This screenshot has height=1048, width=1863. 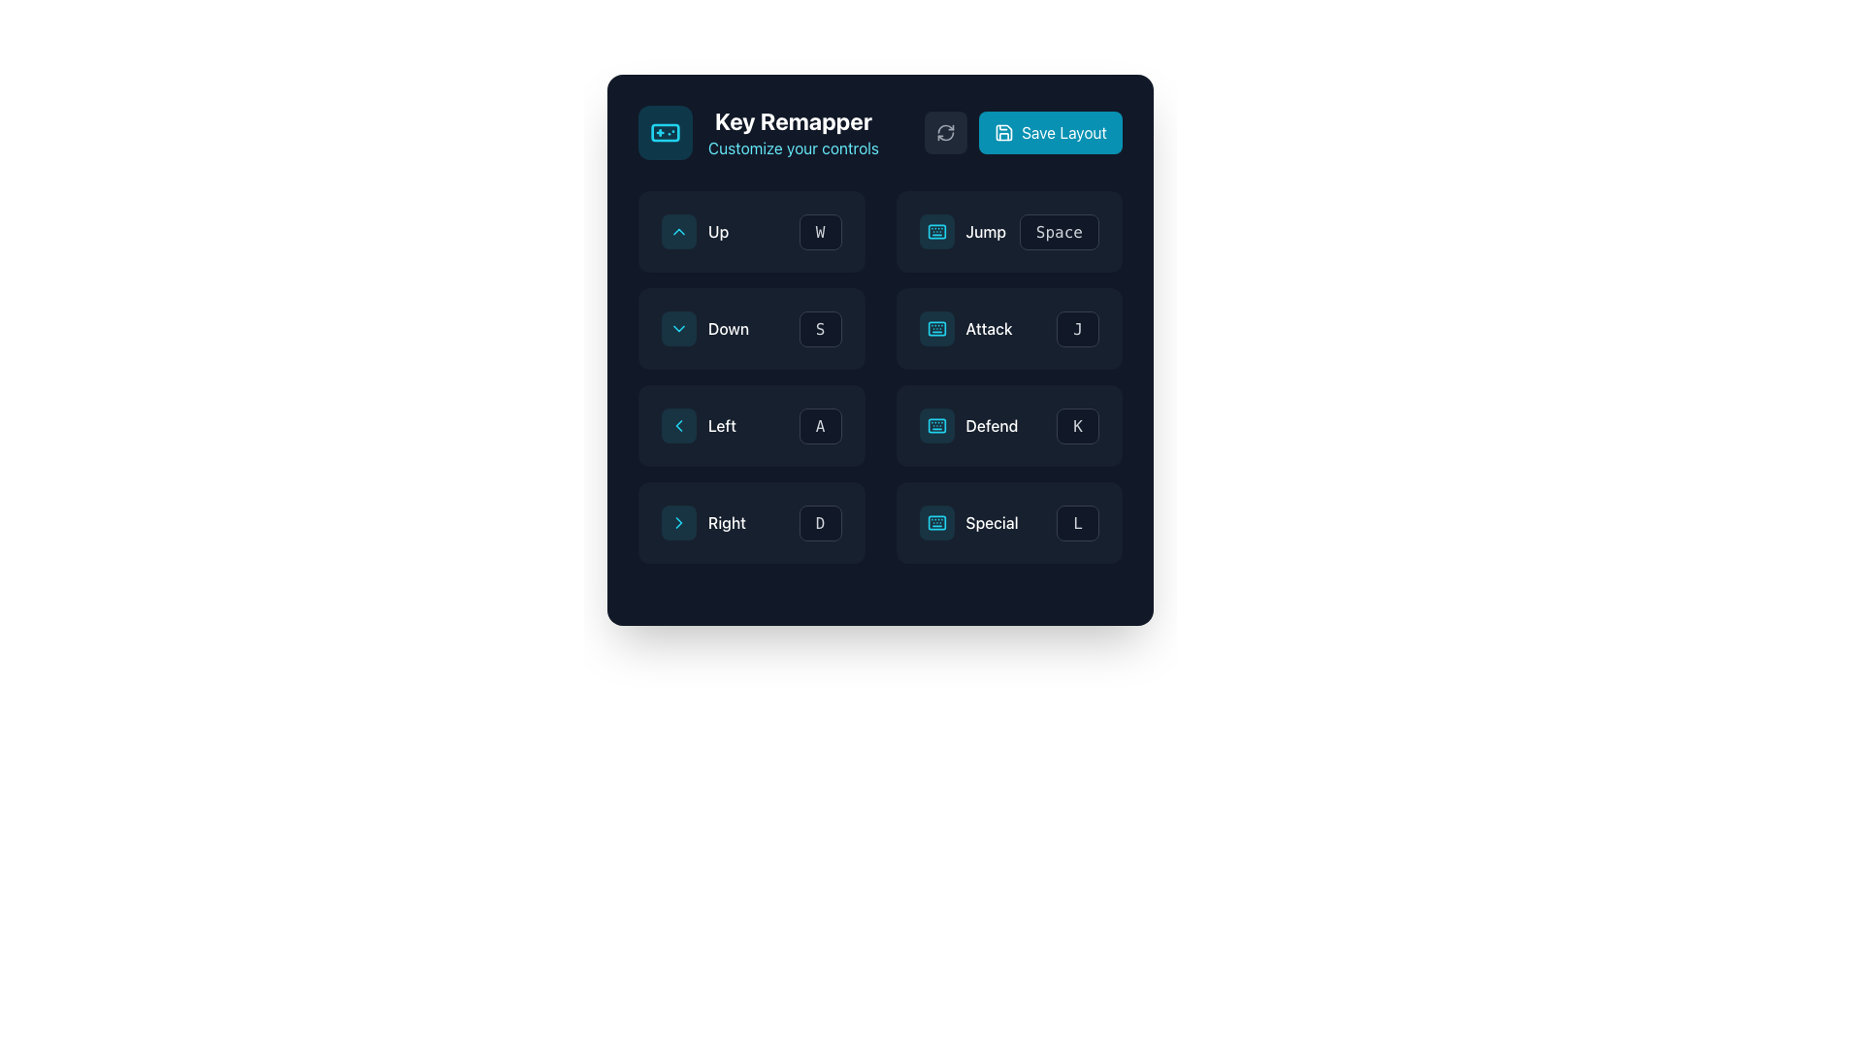 What do you see at coordinates (703, 522) in the screenshot?
I see `the 'Right' button located in the bottom-left cell of the 3x3 button grid in the 'Key Remapper' interface for keyboard navigation` at bounding box center [703, 522].